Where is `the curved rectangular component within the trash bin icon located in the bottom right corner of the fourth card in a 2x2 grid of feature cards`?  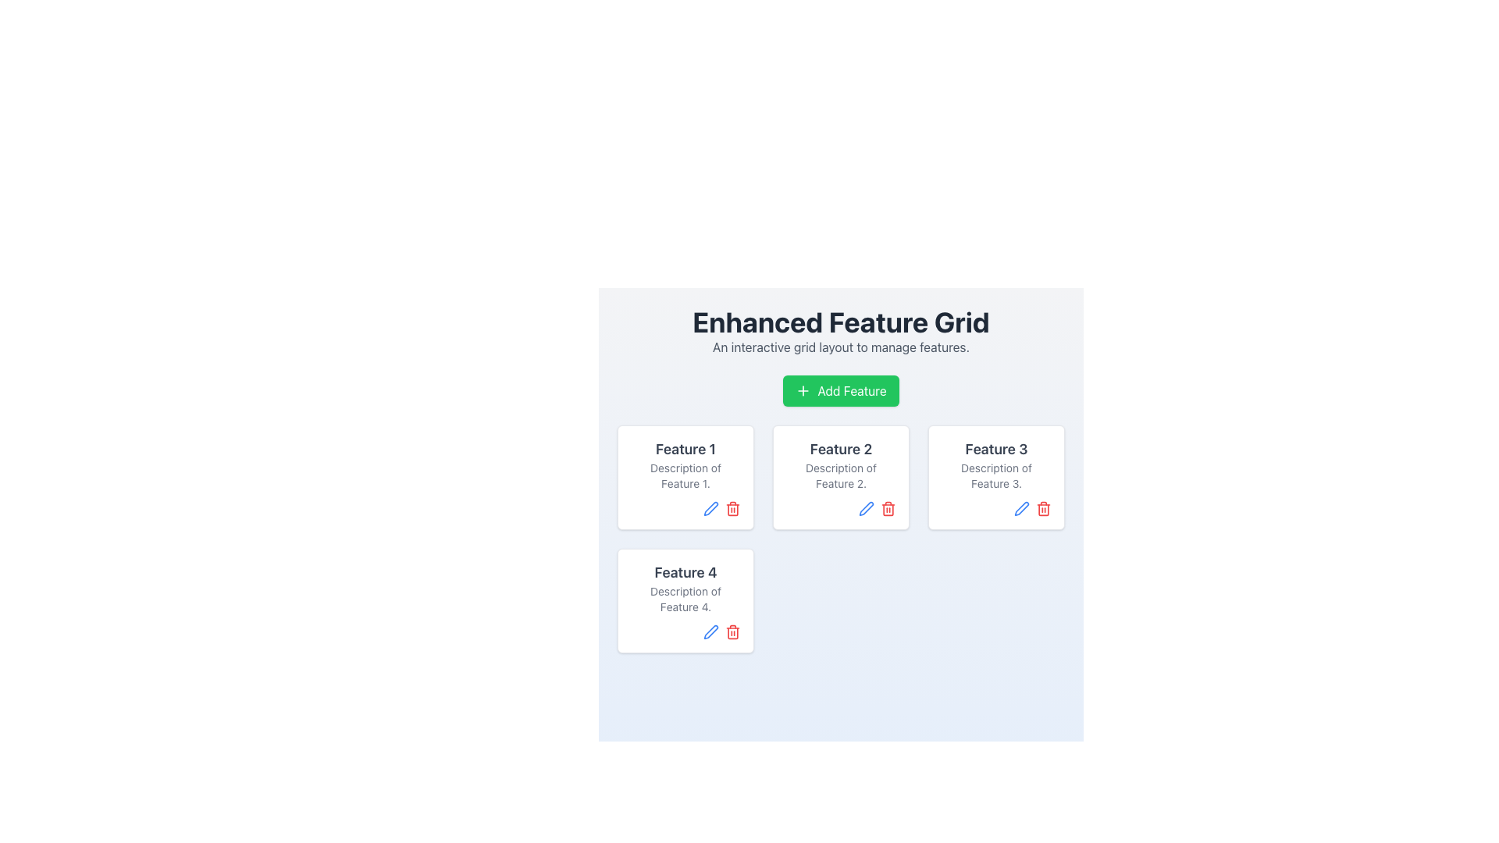
the curved rectangular component within the trash bin icon located in the bottom right corner of the fourth card in a 2x2 grid of feature cards is located at coordinates (732, 632).